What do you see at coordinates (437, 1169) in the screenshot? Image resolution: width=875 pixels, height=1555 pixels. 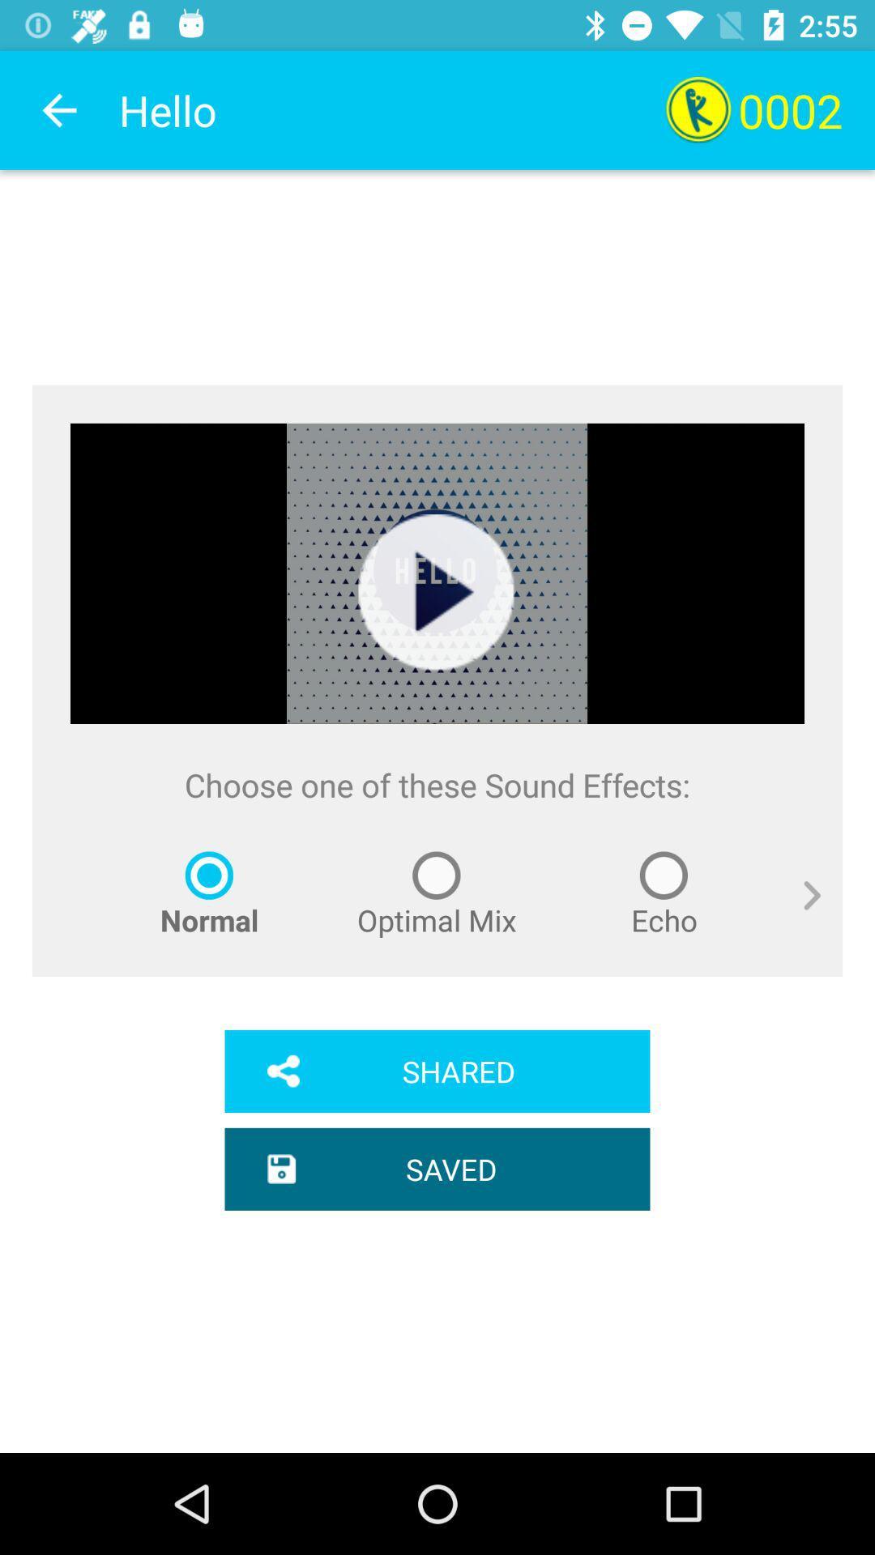 I see `saved item` at bounding box center [437, 1169].